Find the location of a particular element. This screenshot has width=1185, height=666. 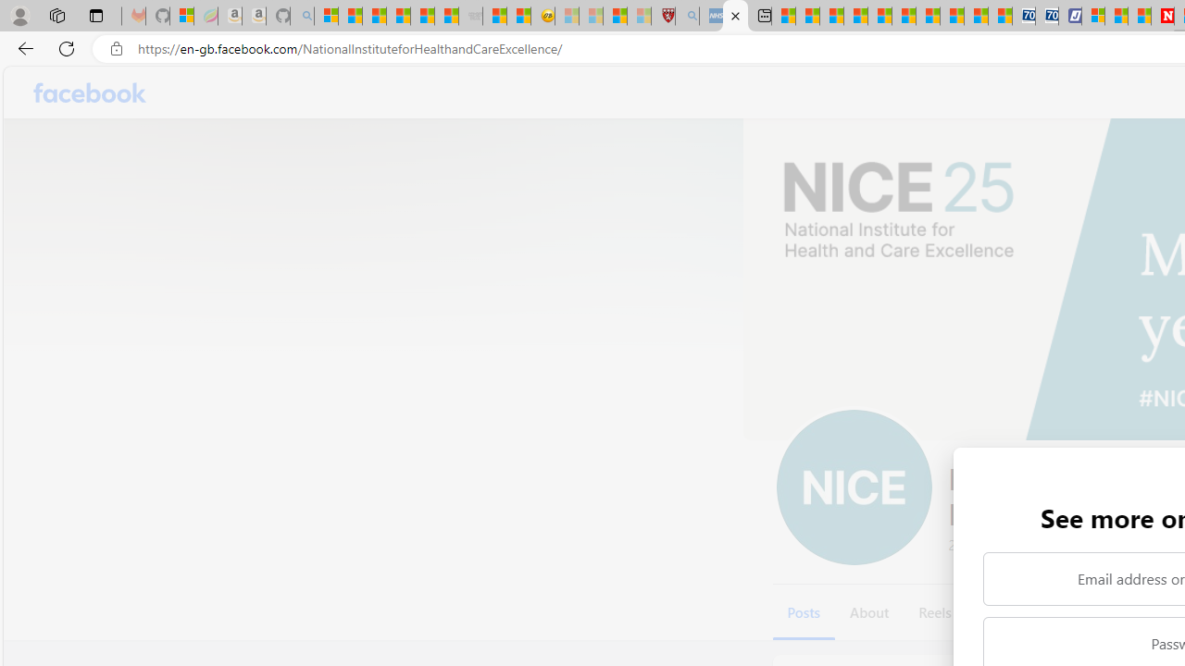

'The Weather Channel - MSN' is located at coordinates (373, 16).